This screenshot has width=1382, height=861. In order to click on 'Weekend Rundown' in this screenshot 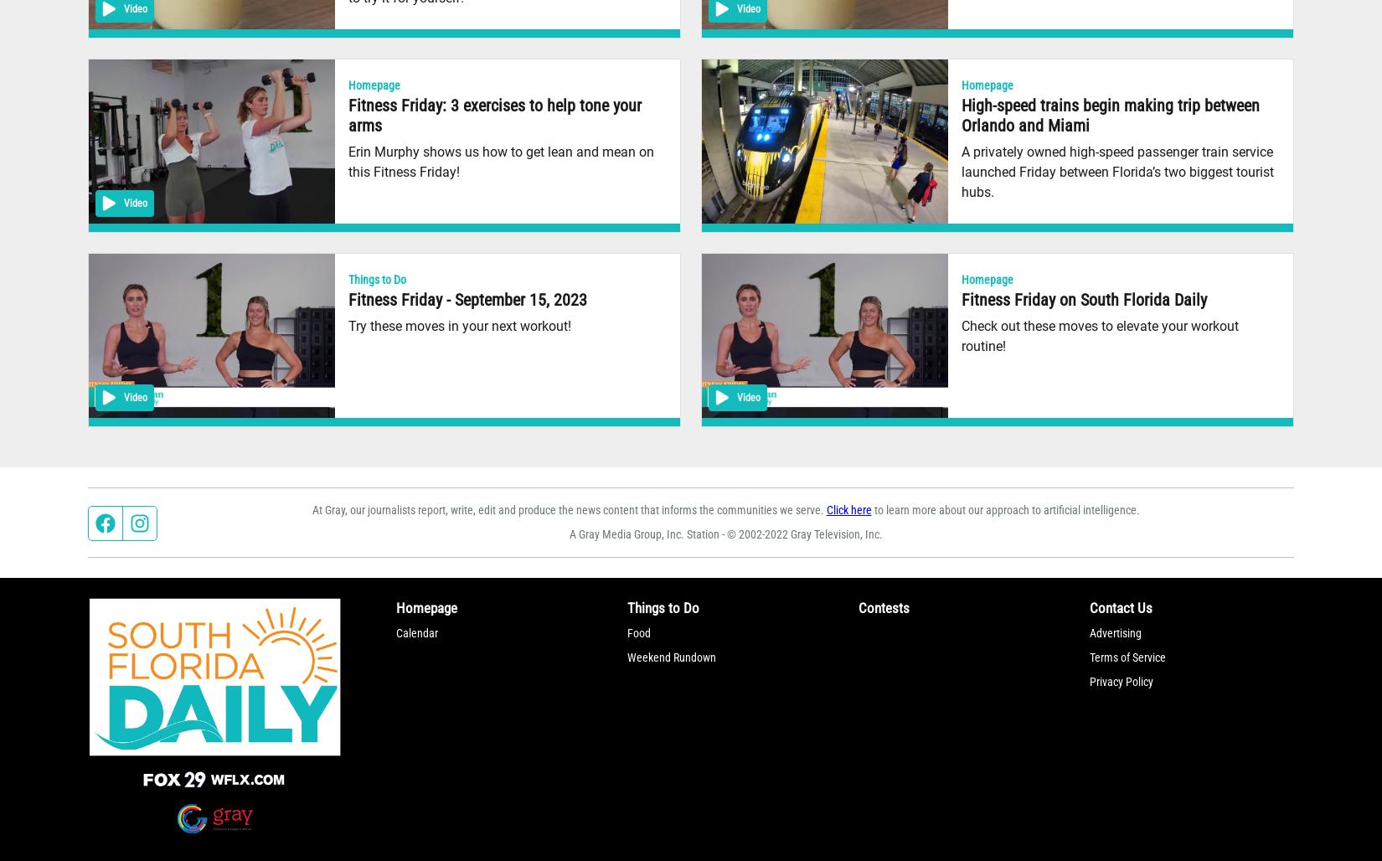, I will do `click(671, 656)`.